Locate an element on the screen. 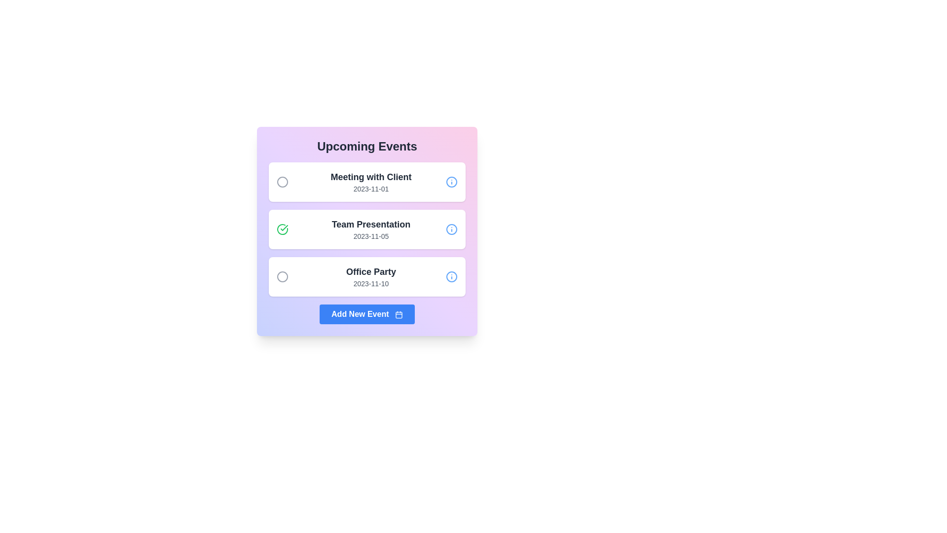  the second event card in the 'Upcoming Events' section, which features 'Team Presentation' and a green check mark icon on the left is located at coordinates (366, 229).